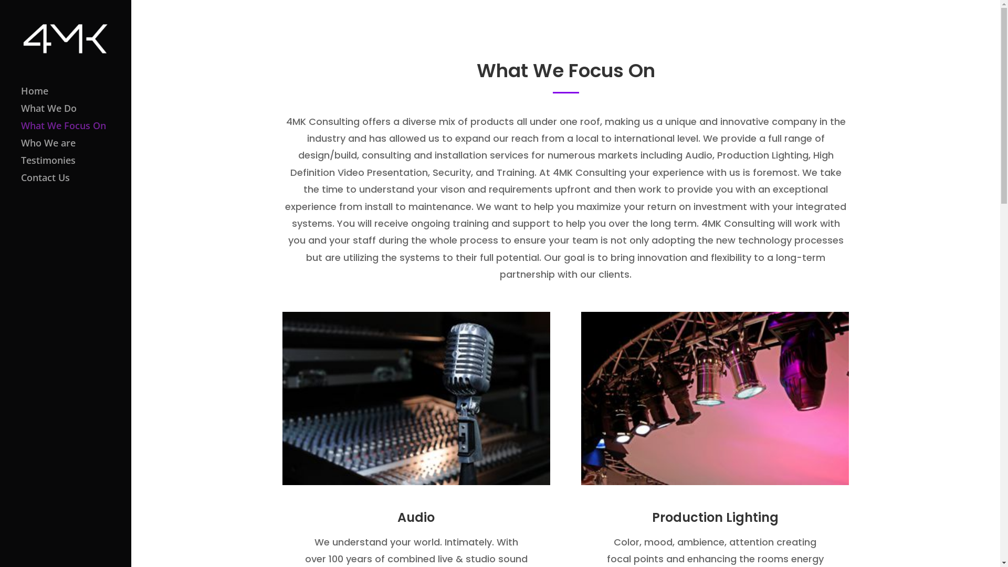  What do you see at coordinates (75, 148) in the screenshot?
I see `'Who We are'` at bounding box center [75, 148].